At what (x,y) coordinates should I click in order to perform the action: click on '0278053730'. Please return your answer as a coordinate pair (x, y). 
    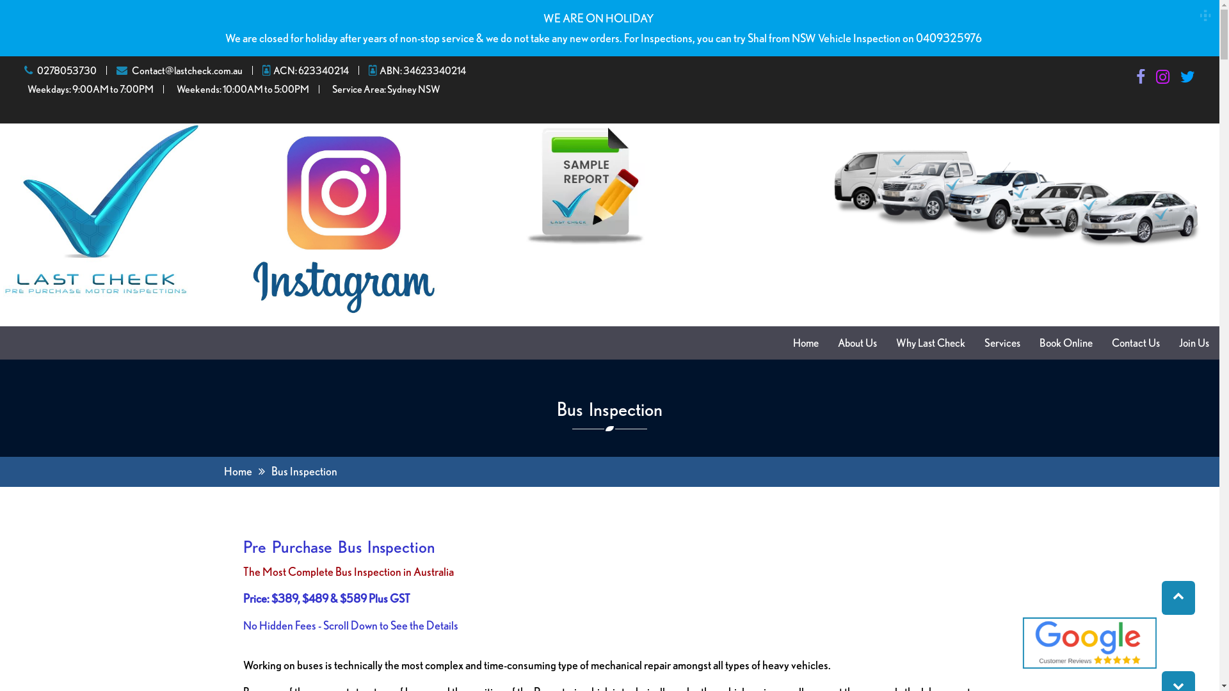
    Looking at the image, I should click on (66, 70).